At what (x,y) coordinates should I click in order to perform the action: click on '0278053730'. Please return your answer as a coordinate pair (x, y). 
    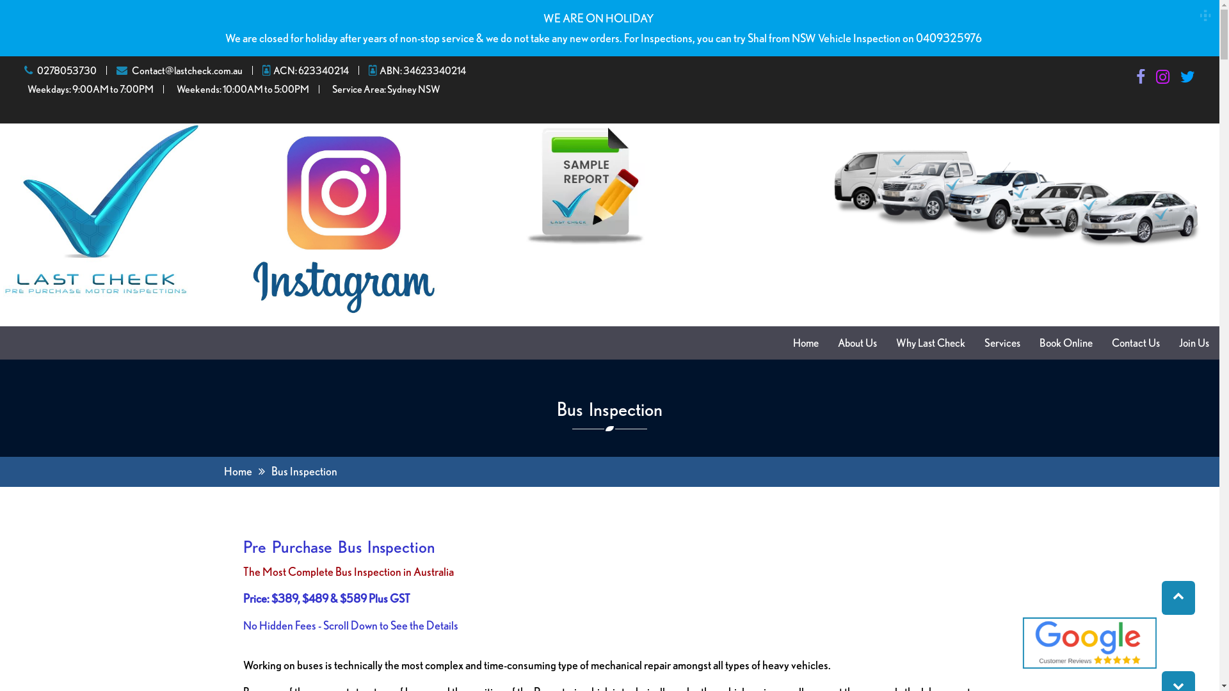
    Looking at the image, I should click on (66, 70).